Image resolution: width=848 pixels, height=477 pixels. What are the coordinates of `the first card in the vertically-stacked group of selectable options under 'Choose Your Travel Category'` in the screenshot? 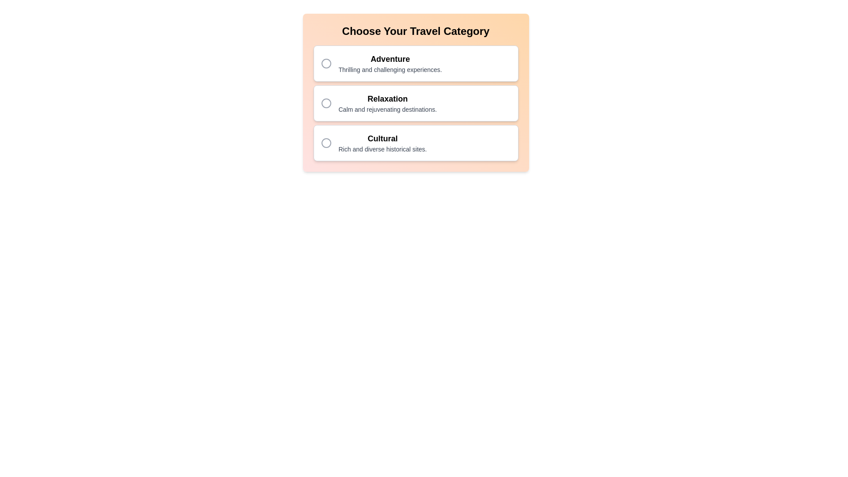 It's located at (415, 63).